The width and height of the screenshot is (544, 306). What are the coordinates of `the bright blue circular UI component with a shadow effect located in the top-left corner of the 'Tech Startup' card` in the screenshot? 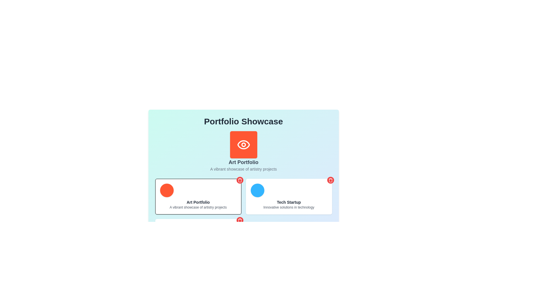 It's located at (257, 190).